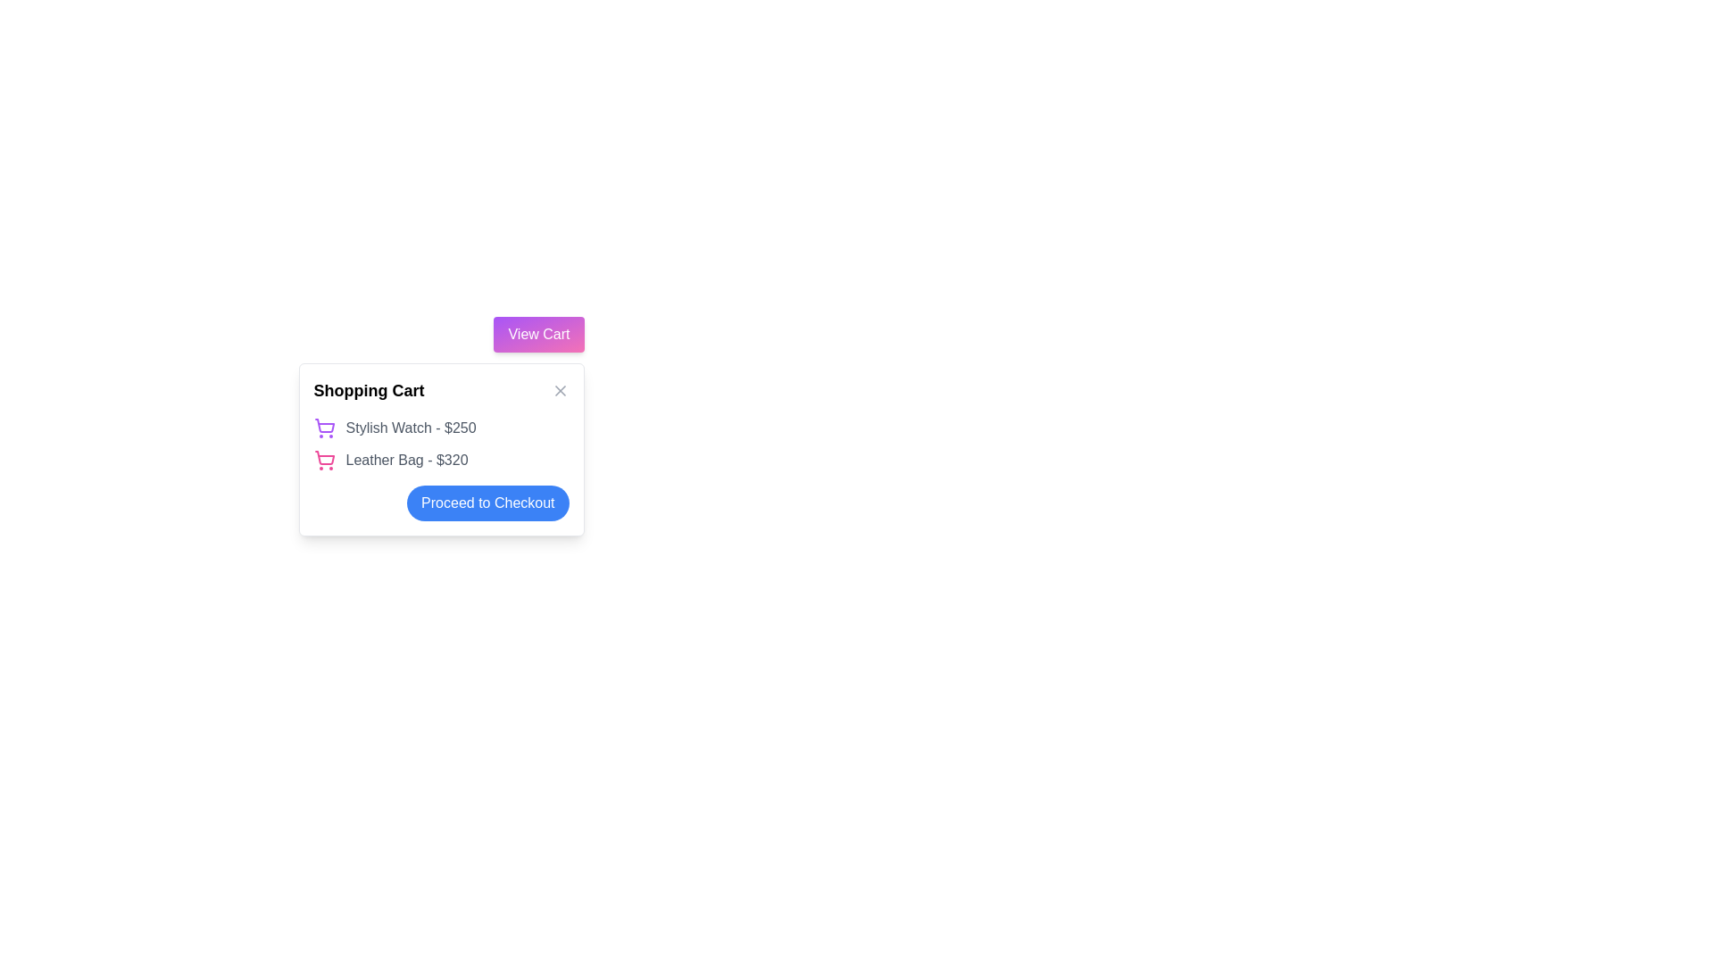 The height and width of the screenshot is (964, 1714). Describe the element at coordinates (441, 428) in the screenshot. I see `the first list item displaying 'Stylish Watch - $250' with a purple shopping cart icon in the shopping cart interface` at that location.